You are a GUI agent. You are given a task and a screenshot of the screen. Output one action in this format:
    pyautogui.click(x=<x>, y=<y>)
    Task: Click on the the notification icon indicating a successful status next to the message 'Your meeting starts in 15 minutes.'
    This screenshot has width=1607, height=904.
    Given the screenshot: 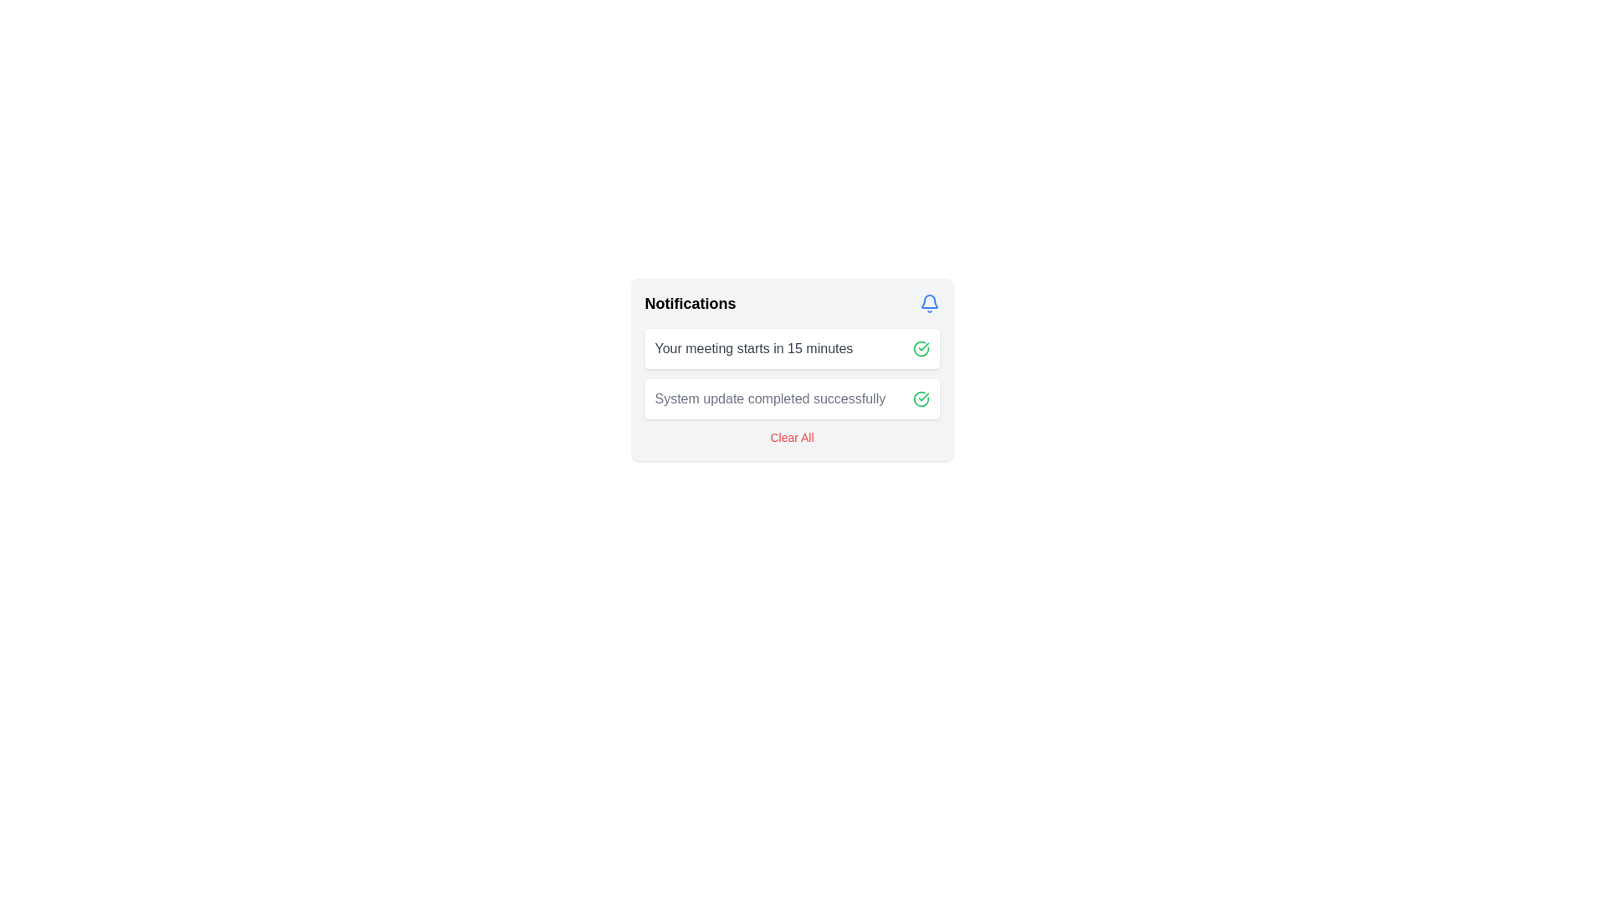 What is the action you would take?
    pyautogui.click(x=920, y=399)
    